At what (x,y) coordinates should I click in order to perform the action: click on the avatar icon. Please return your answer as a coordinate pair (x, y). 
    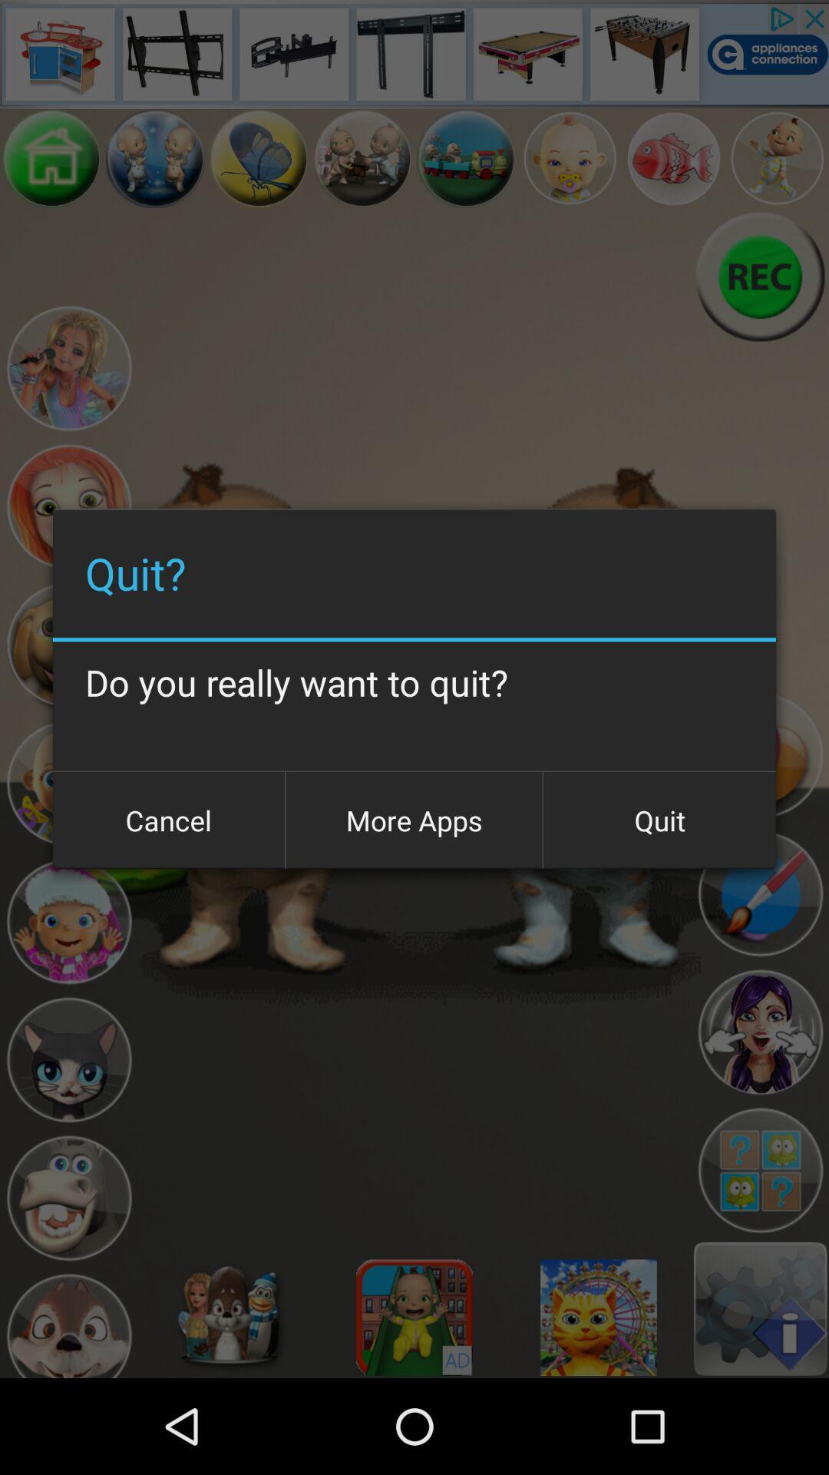
    Looking at the image, I should click on (760, 1253).